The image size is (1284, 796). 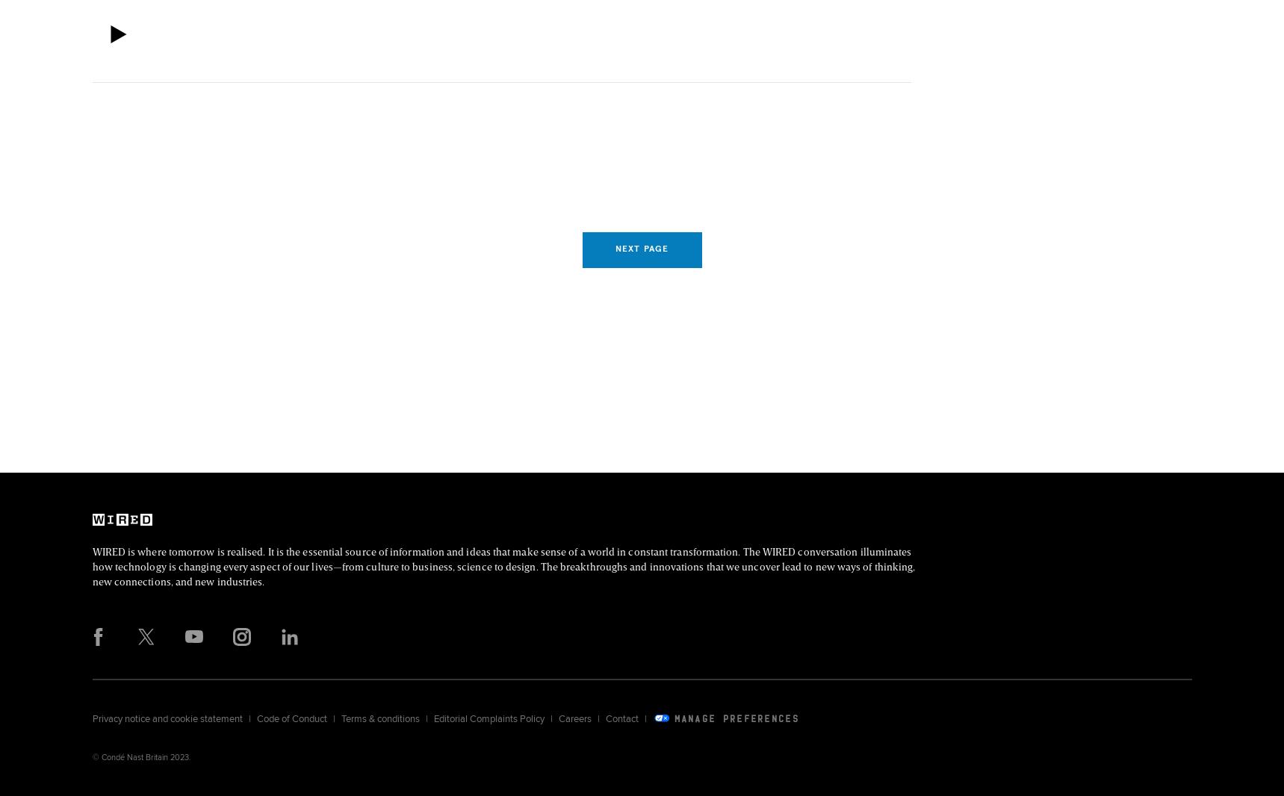 I want to click on 'Code of Conduct', so click(x=291, y=717).